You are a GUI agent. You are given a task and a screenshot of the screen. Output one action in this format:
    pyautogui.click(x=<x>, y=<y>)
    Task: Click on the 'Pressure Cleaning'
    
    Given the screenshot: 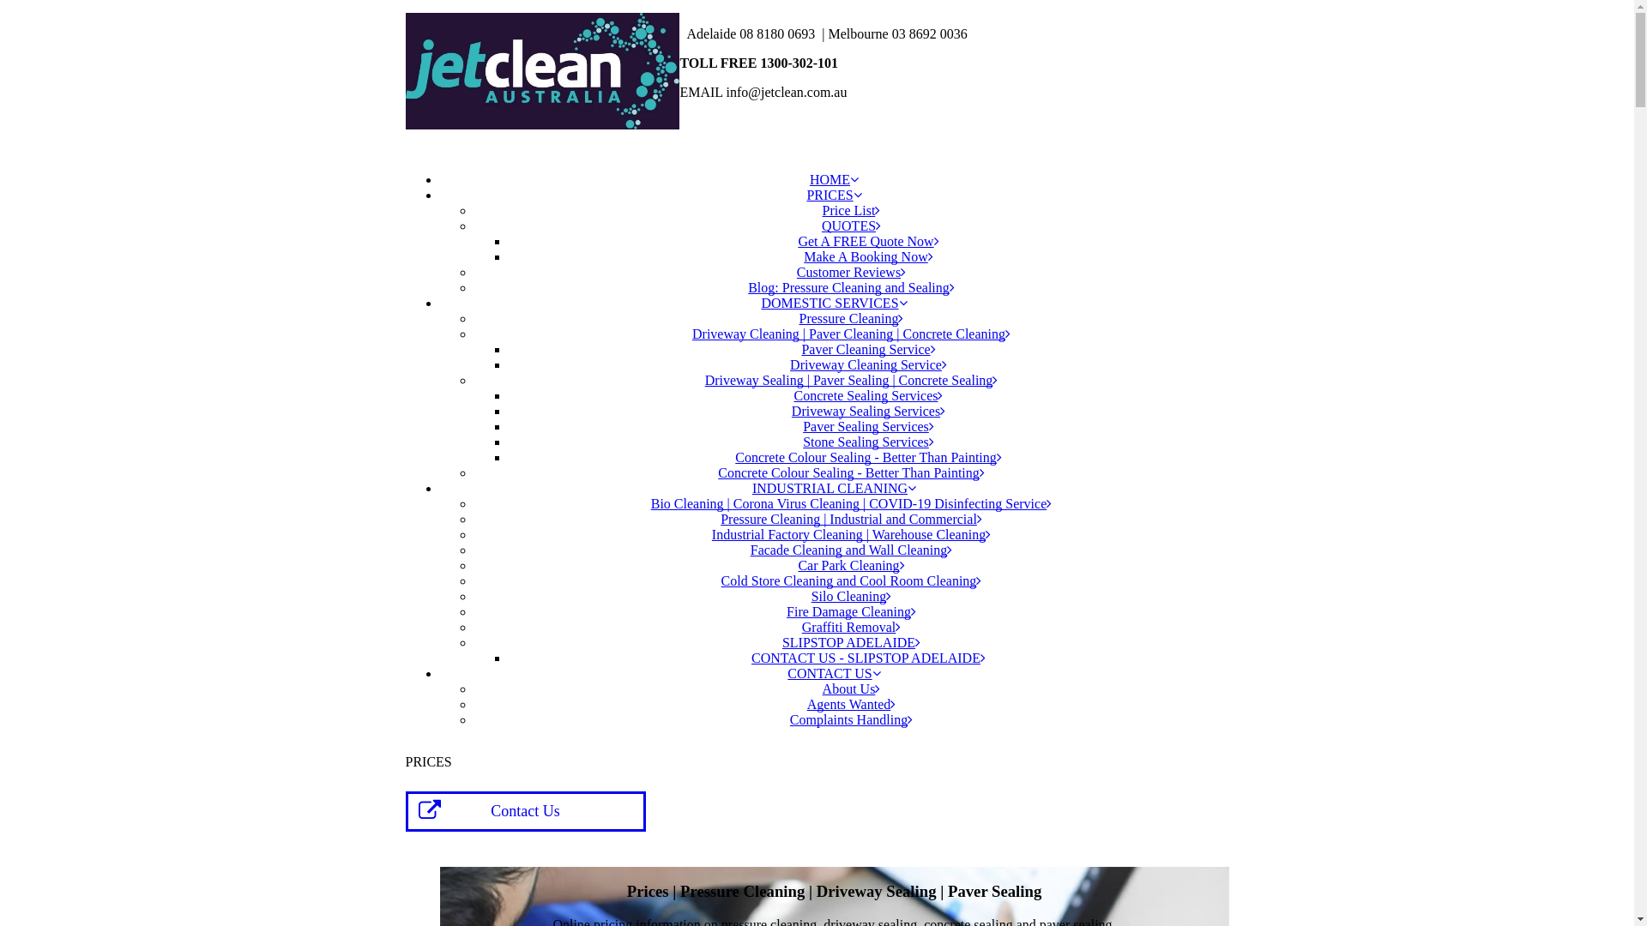 What is the action you would take?
    pyautogui.click(x=852, y=318)
    